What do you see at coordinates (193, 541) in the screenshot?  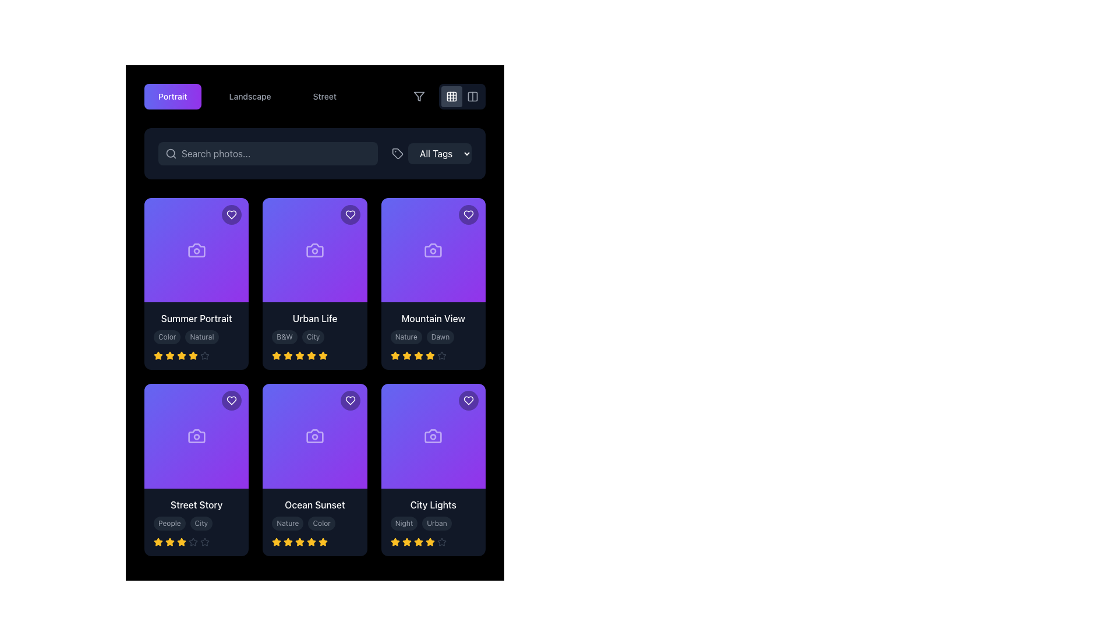 I see `the fifth interactive star-shaped icon for rating purposes` at bounding box center [193, 541].